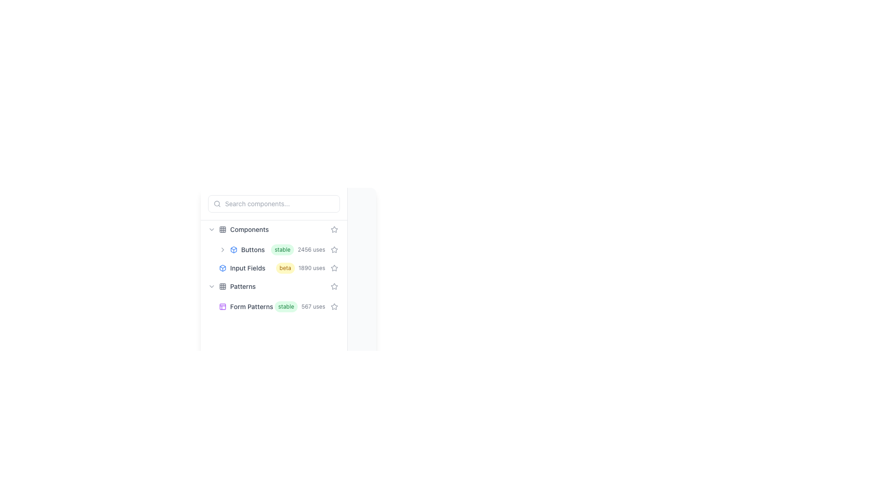 This screenshot has height=496, width=882. Describe the element at coordinates (282, 249) in the screenshot. I see `the small badge with rounded corners and a green background that contains the text 'stable', located adjacent to the text 'Buttons' and preceding '2456 uses'` at that location.